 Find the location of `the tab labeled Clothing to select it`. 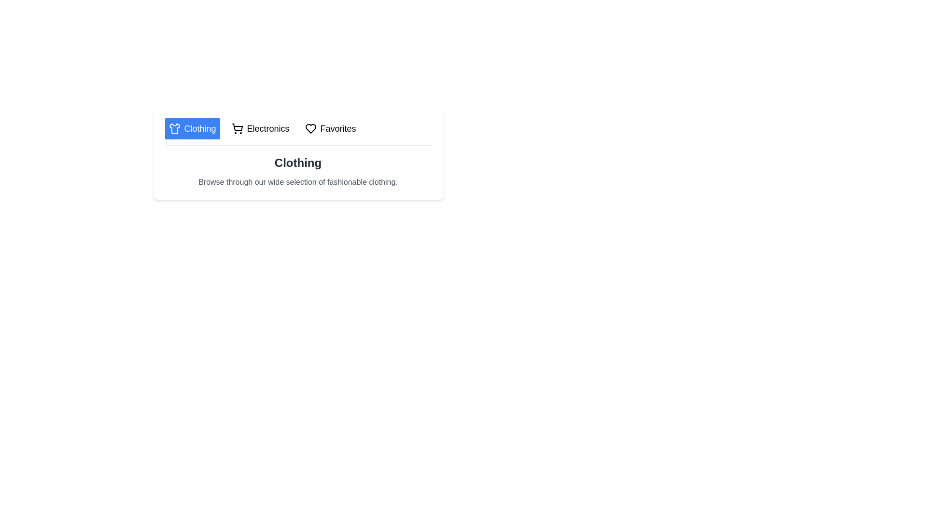

the tab labeled Clothing to select it is located at coordinates (192, 128).